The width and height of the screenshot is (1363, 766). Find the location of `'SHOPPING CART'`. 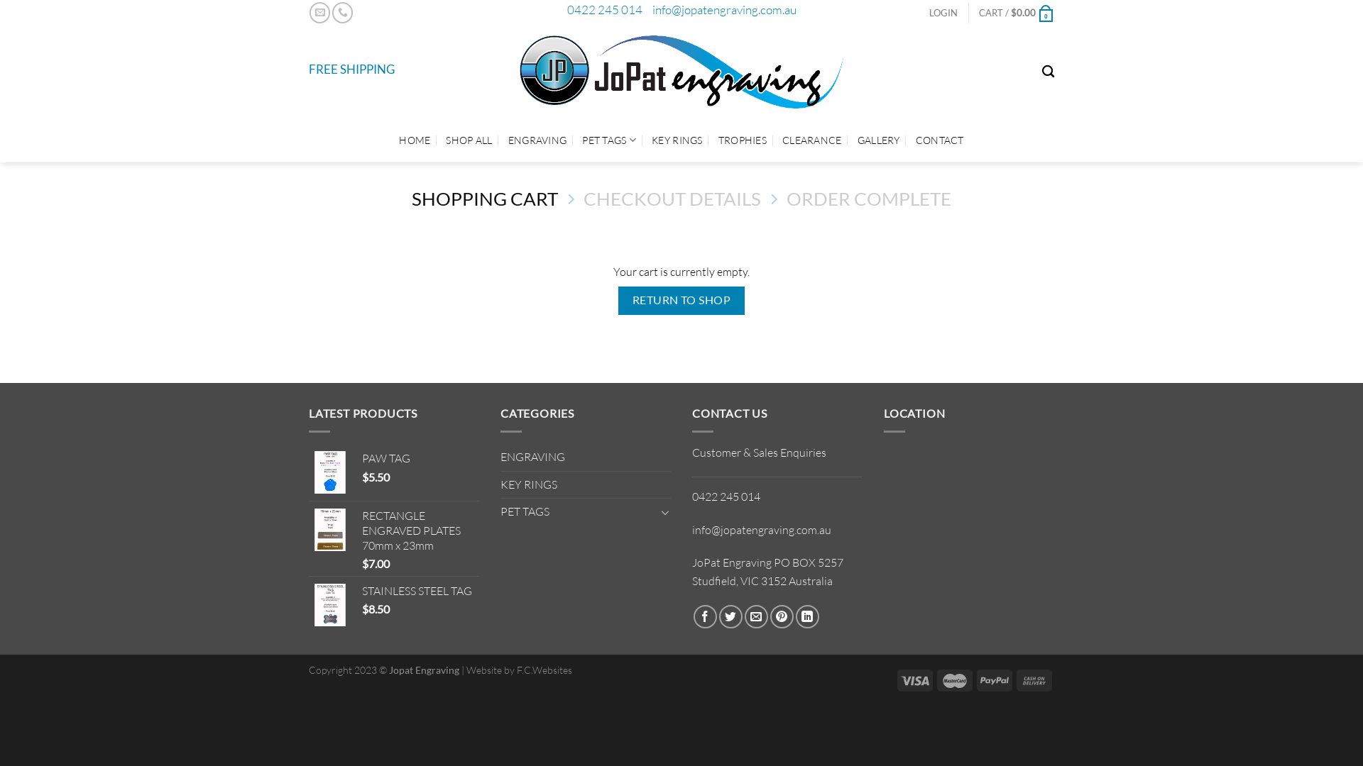

'SHOPPING CART' is located at coordinates (484, 198).